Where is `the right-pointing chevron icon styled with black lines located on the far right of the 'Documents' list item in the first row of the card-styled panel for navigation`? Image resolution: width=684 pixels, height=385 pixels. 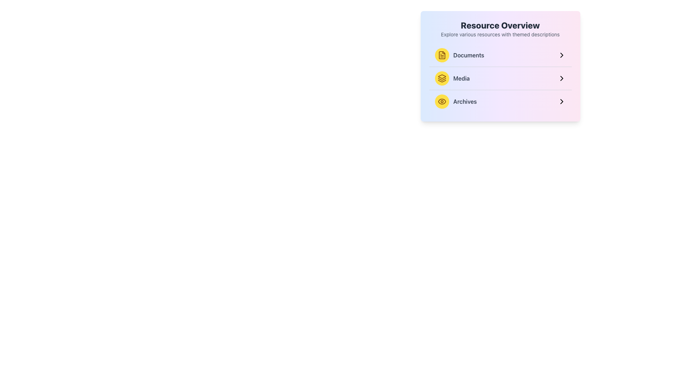 the right-pointing chevron icon styled with black lines located on the far right of the 'Documents' list item in the first row of the card-styled panel for navigation is located at coordinates (561, 55).